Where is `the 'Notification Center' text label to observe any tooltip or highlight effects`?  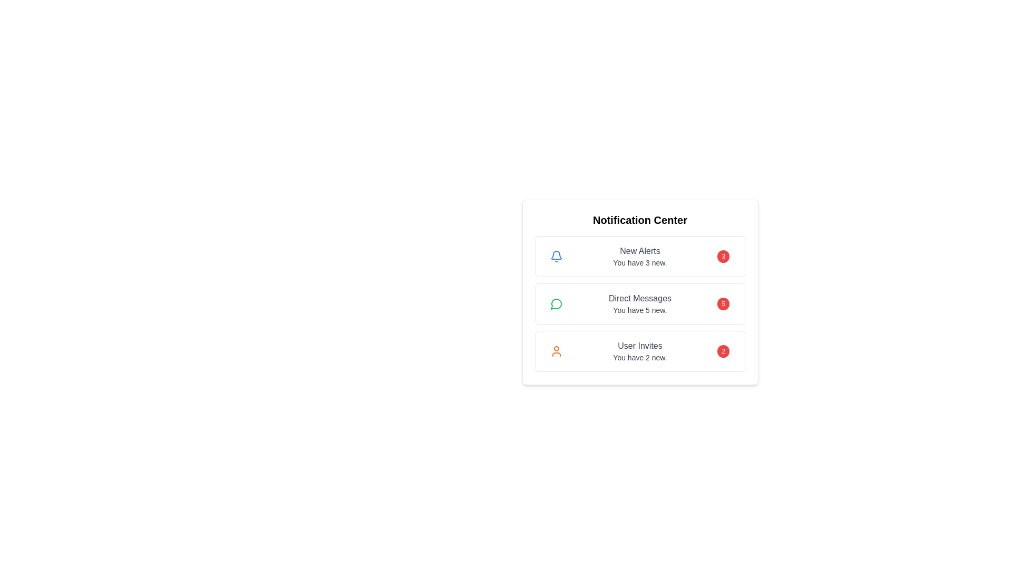
the 'Notification Center' text label to observe any tooltip or highlight effects is located at coordinates (639, 219).